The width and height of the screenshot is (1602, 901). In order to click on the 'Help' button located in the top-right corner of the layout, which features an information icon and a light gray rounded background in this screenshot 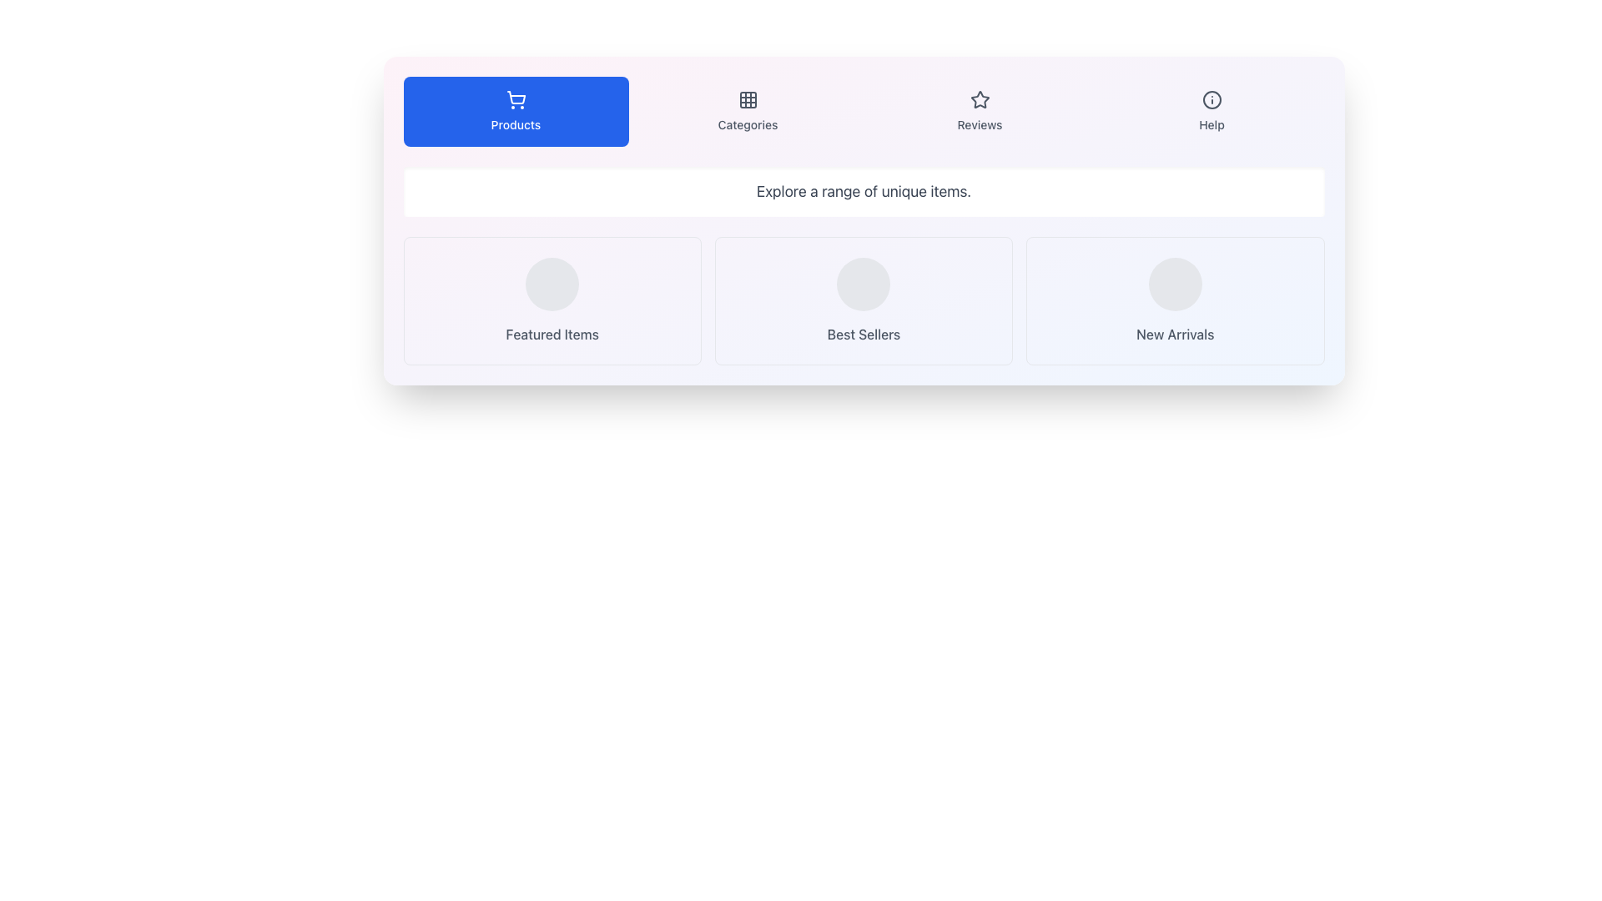, I will do `click(1212, 112)`.